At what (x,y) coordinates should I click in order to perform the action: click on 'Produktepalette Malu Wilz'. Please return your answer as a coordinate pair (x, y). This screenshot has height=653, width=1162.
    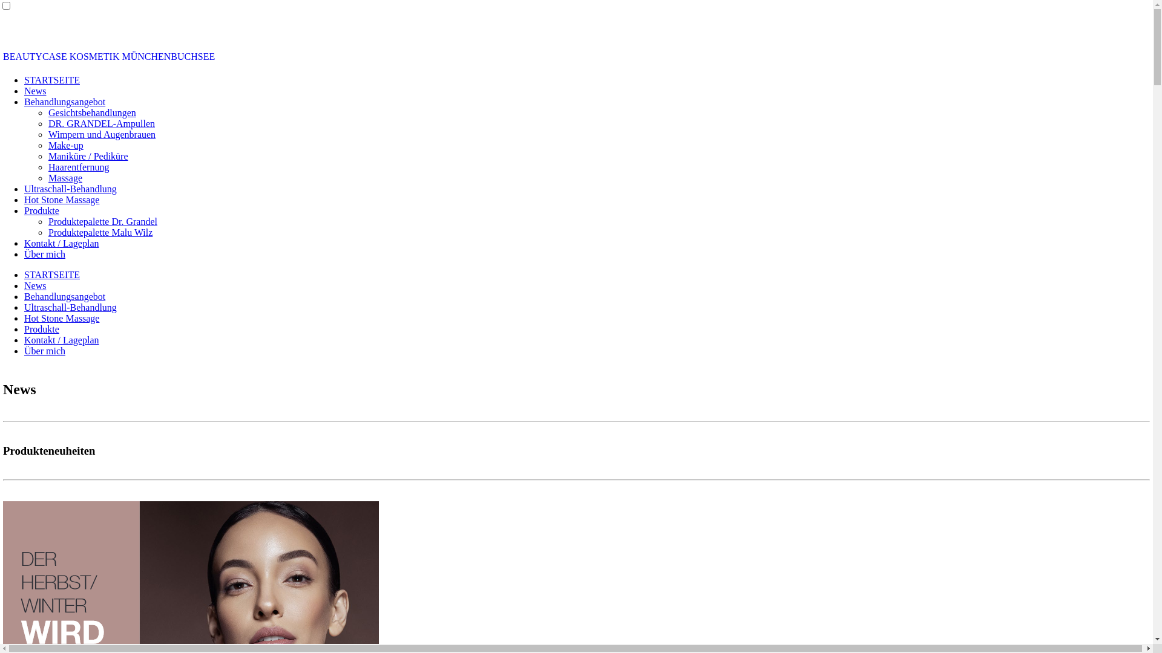
    Looking at the image, I should click on (100, 232).